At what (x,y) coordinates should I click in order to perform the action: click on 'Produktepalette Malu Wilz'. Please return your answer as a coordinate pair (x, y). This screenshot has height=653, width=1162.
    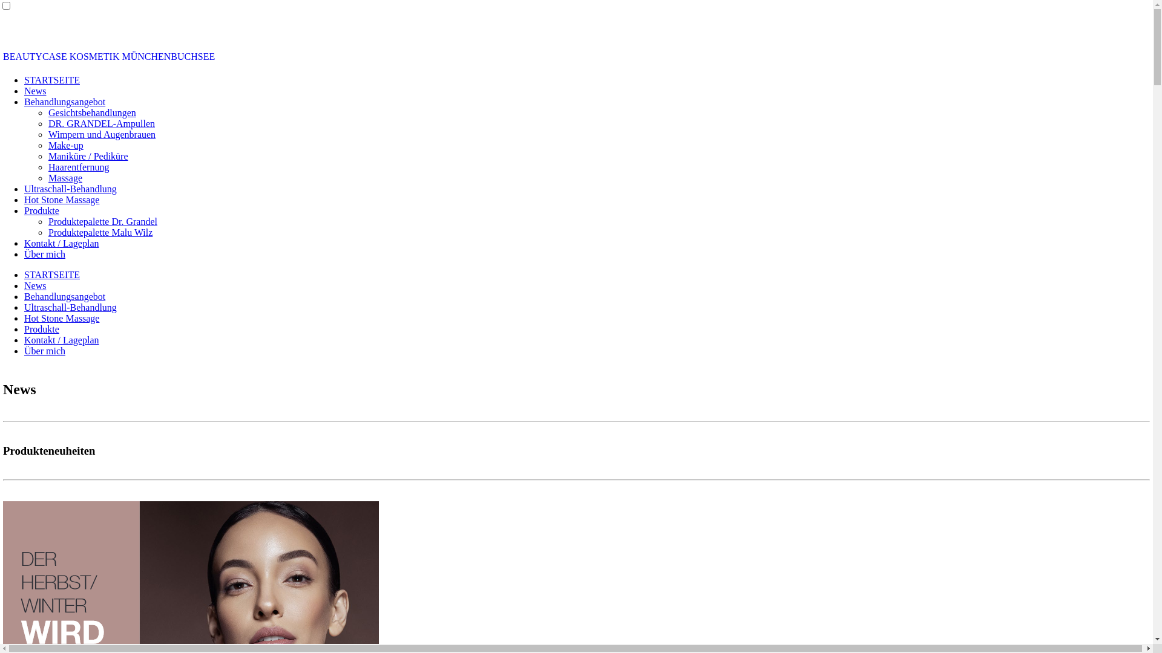
    Looking at the image, I should click on (100, 232).